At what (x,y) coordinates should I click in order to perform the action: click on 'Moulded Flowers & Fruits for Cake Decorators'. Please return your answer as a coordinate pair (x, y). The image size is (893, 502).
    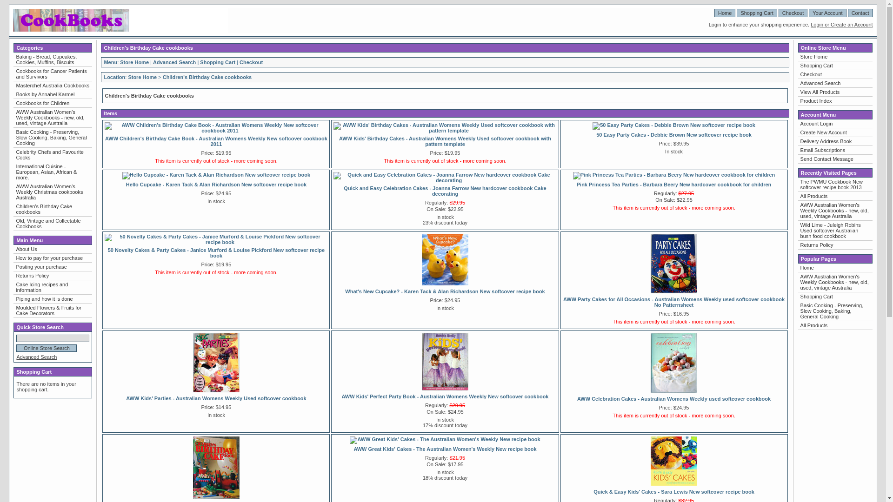
    Looking at the image, I should click on (13, 310).